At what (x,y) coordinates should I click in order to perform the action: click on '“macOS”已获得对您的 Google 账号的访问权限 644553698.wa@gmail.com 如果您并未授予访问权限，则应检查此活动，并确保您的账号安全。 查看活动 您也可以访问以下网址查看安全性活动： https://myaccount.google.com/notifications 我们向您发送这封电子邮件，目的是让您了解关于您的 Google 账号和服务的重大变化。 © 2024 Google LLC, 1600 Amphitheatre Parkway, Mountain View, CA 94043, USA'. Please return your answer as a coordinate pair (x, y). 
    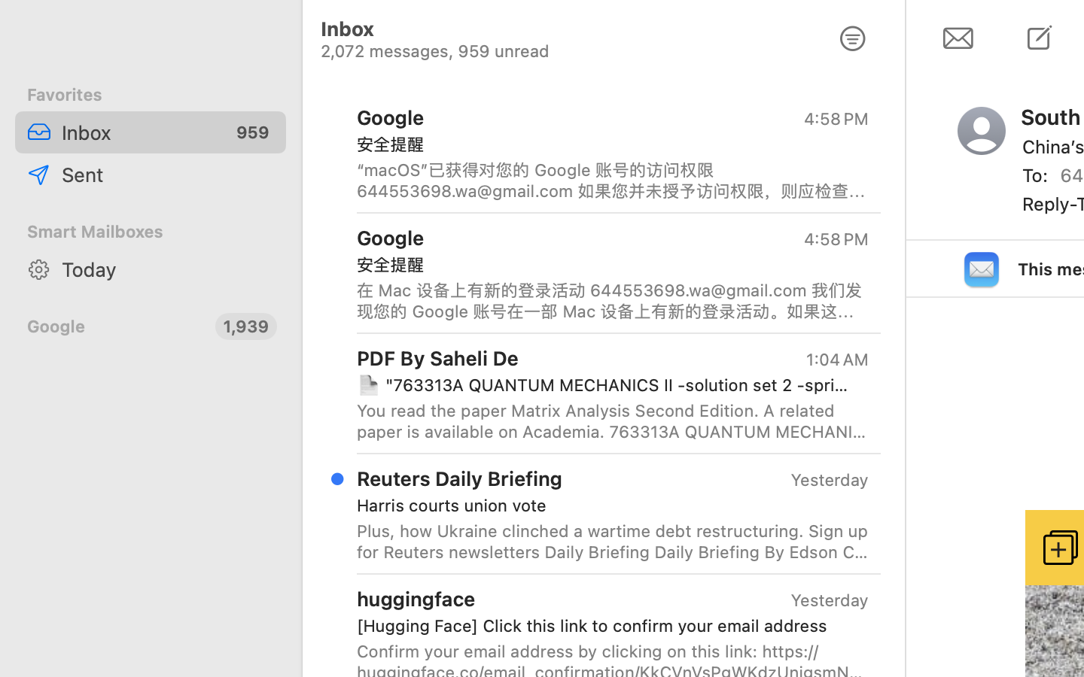
    Looking at the image, I should click on (613, 180).